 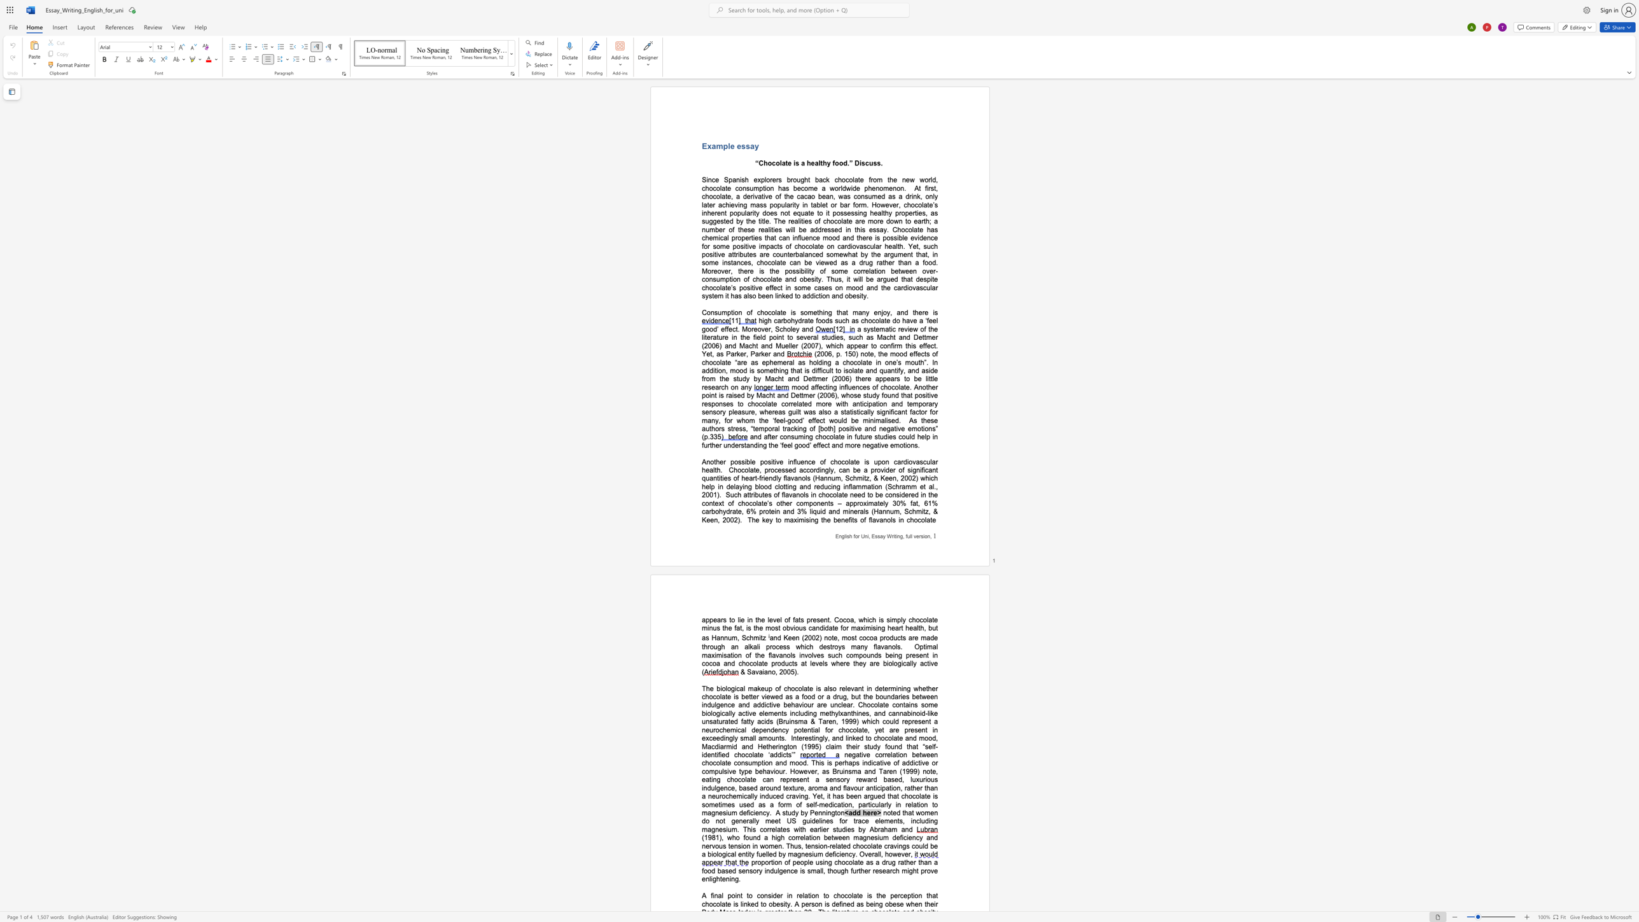 I want to click on the space between the continuous character "x" and "a" in the text, so click(x=711, y=146).